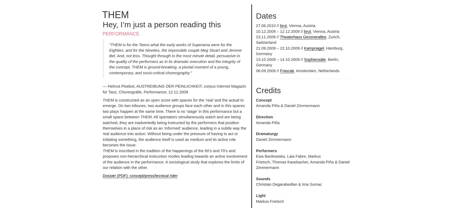 This screenshot has height=208, width=453. Describe the element at coordinates (316, 70) in the screenshot. I see `', Amsterdam, Netherlands'` at that location.